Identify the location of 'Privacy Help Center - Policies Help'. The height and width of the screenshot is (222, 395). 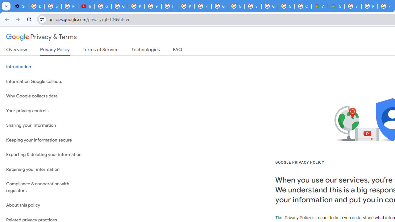
(369, 6).